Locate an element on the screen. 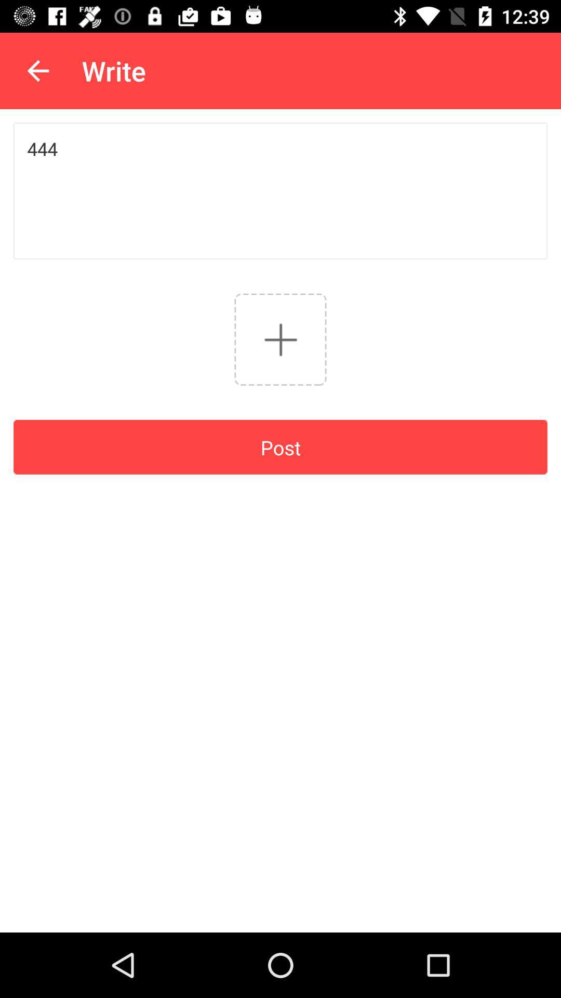  app next to the write app is located at coordinates (37, 70).